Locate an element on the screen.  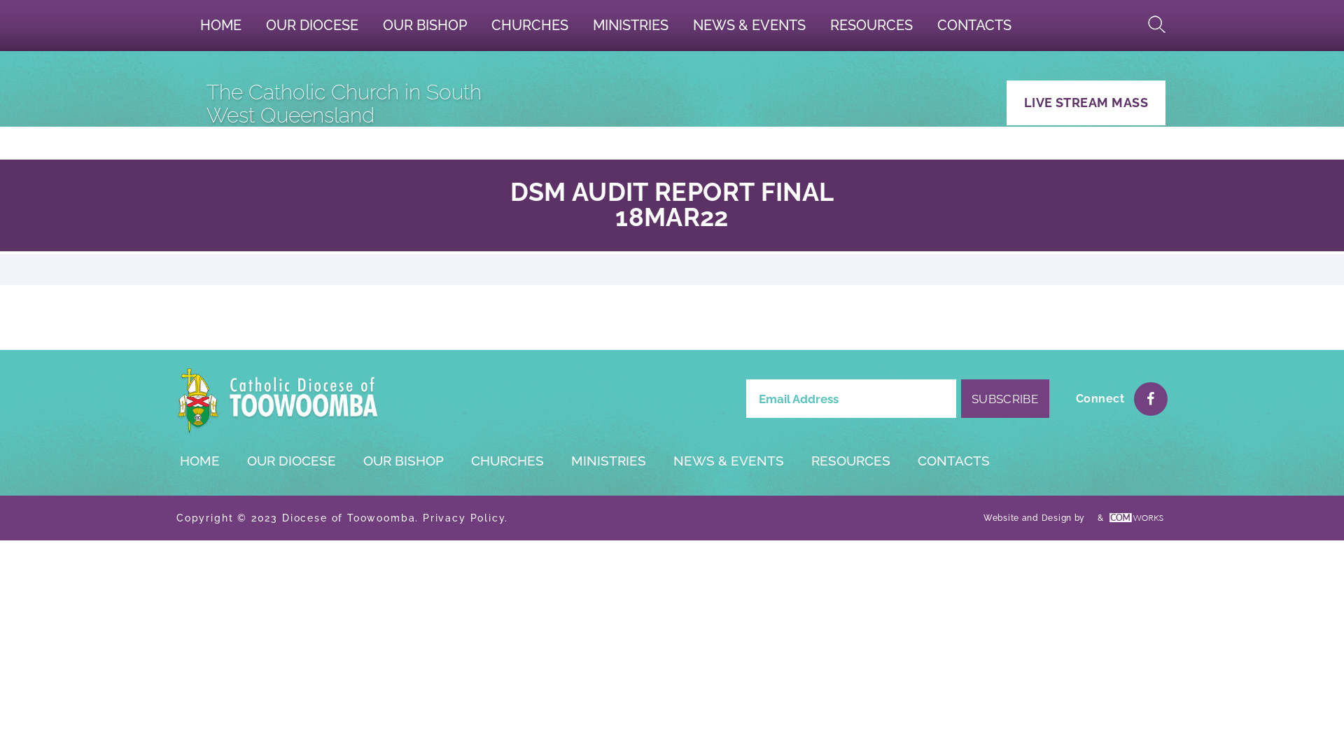
'Subscribe' is located at coordinates (1004, 398).